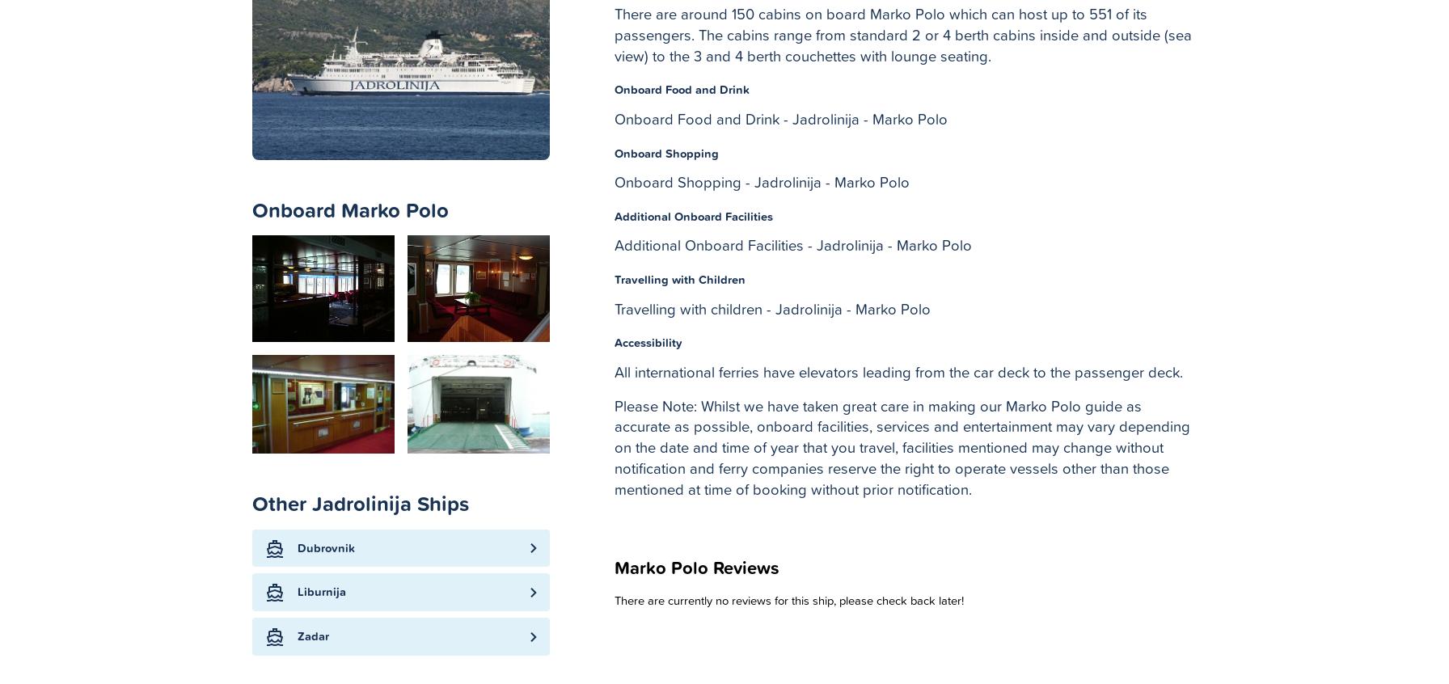 The height and width of the screenshot is (684, 1449). Describe the element at coordinates (648, 342) in the screenshot. I see `'Accessibility'` at that location.